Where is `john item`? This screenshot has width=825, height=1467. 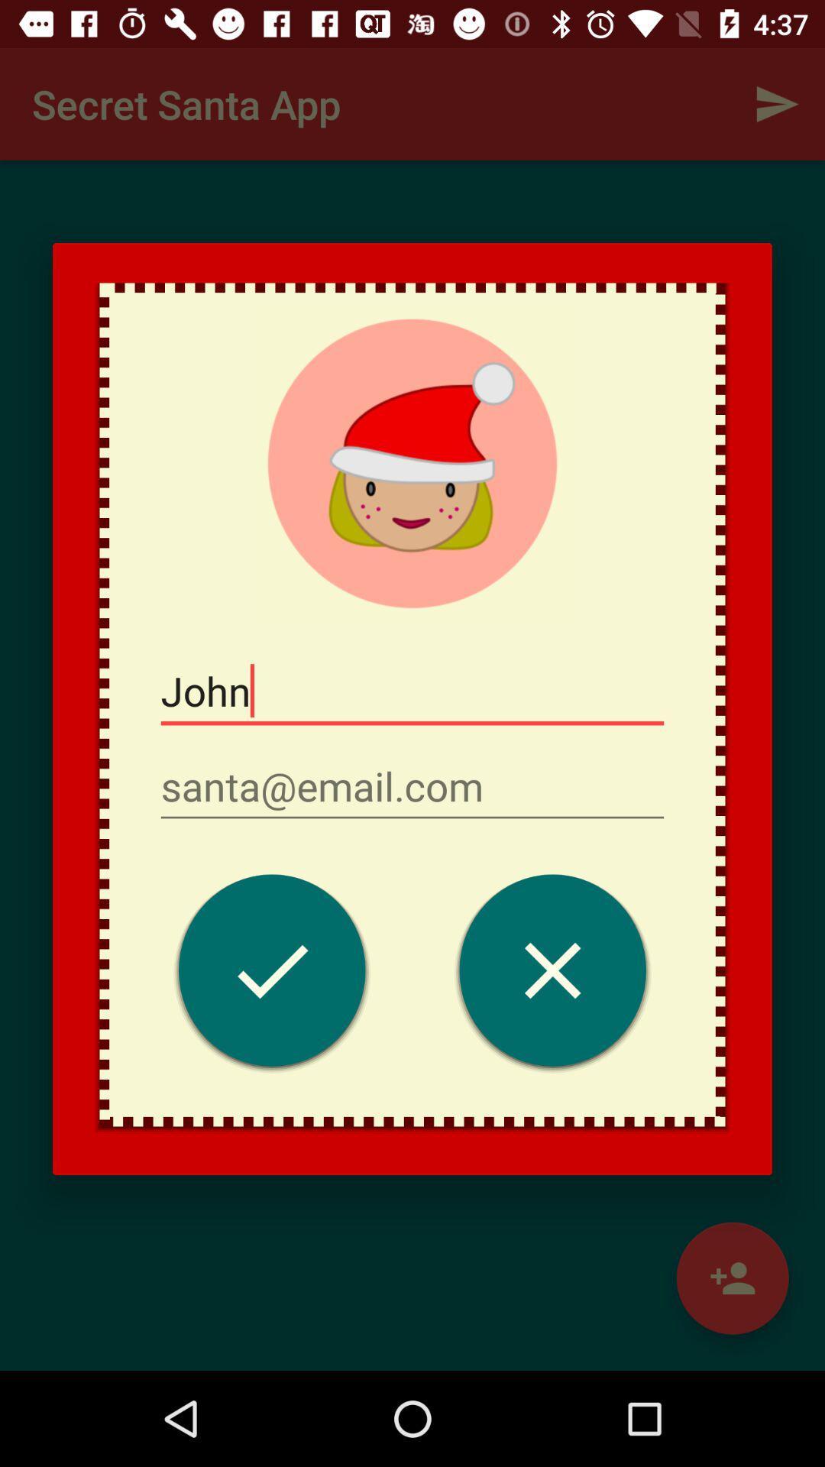
john item is located at coordinates (412, 691).